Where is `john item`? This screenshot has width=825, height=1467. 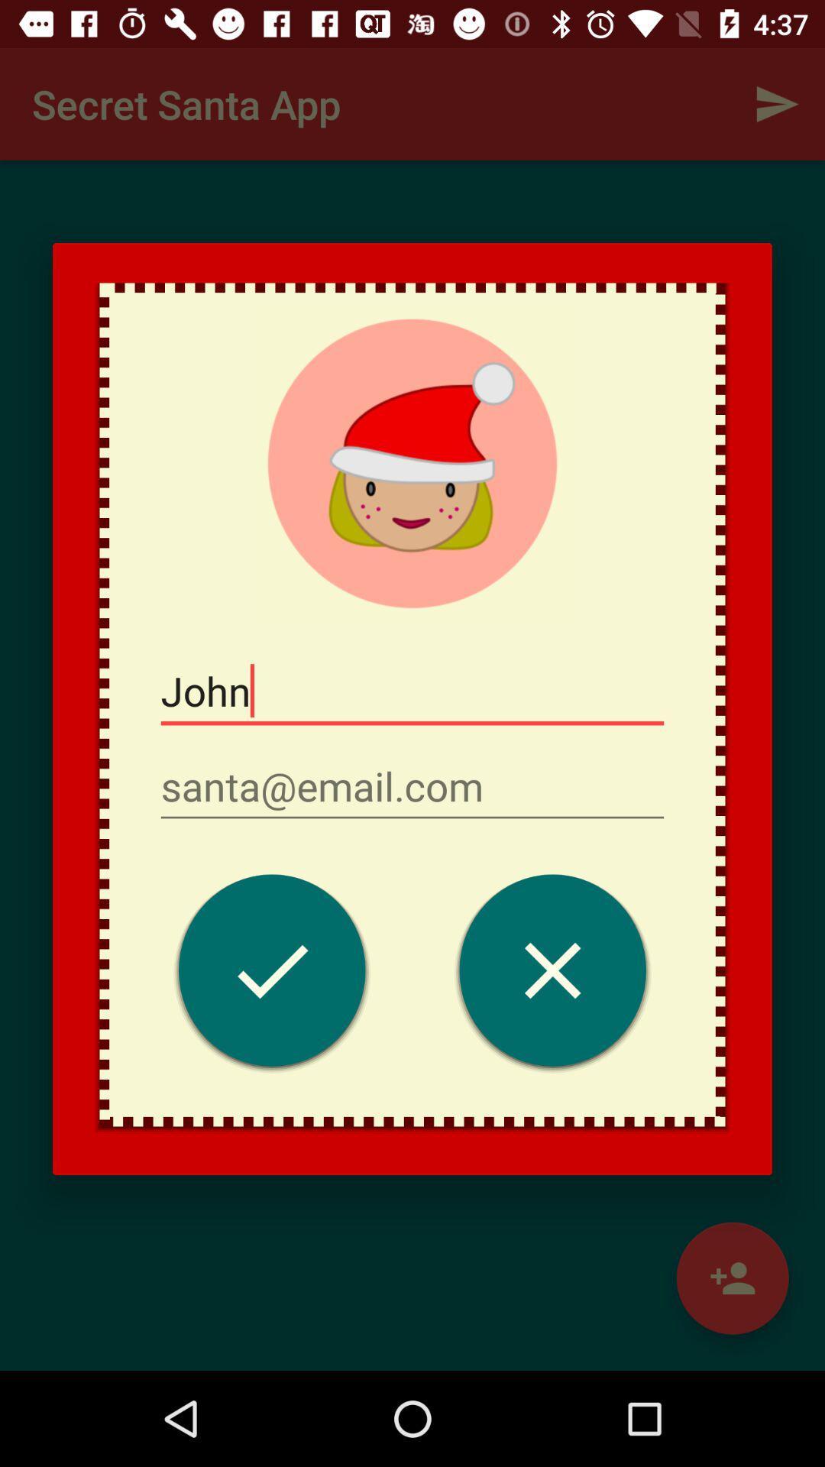
john item is located at coordinates (412, 691).